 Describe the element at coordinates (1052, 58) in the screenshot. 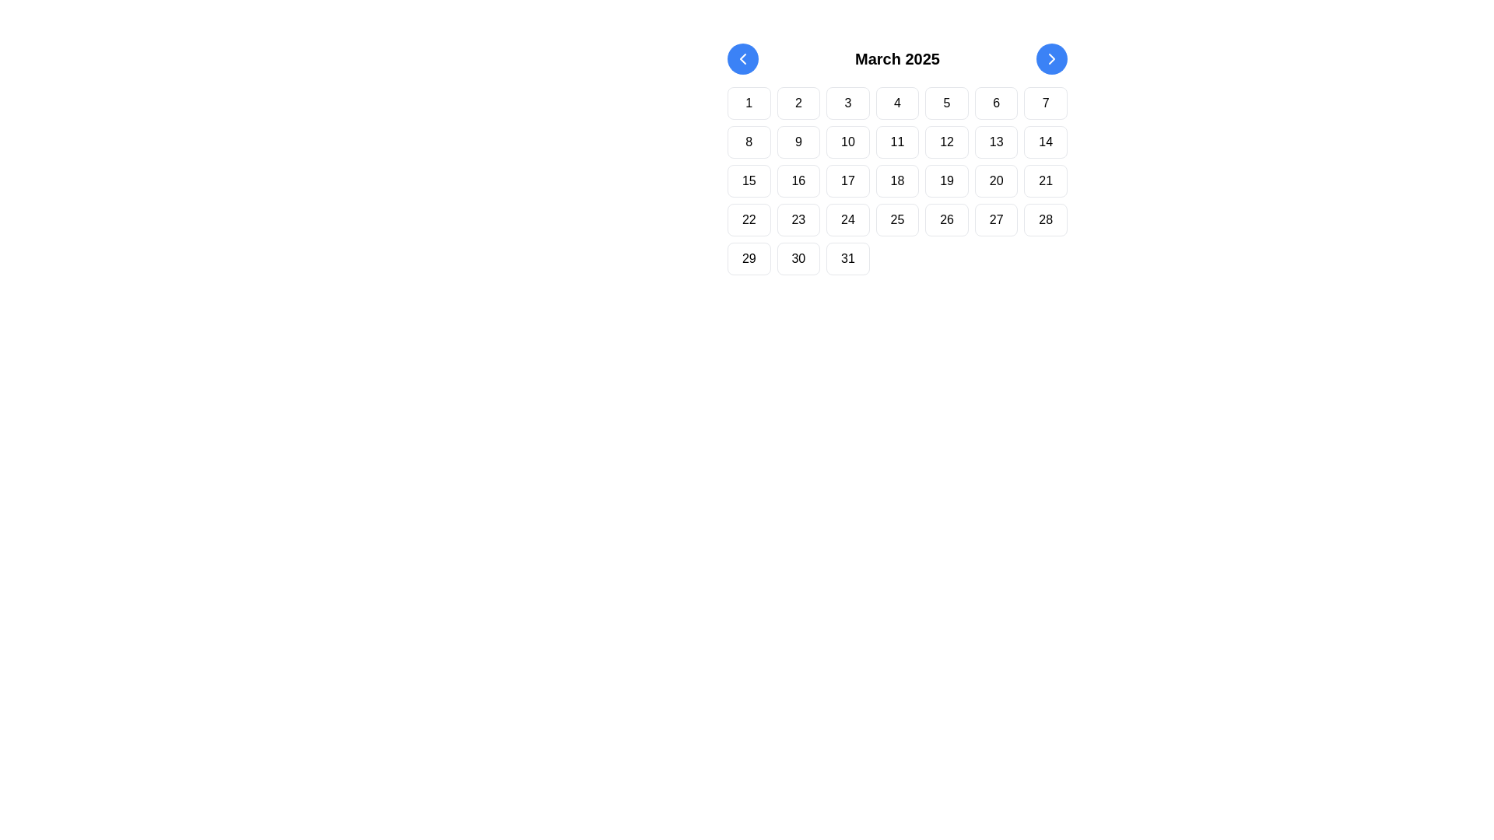

I see `the circular blue button with a white forward arrow icon located near the top-right corner of the calendar display` at that location.